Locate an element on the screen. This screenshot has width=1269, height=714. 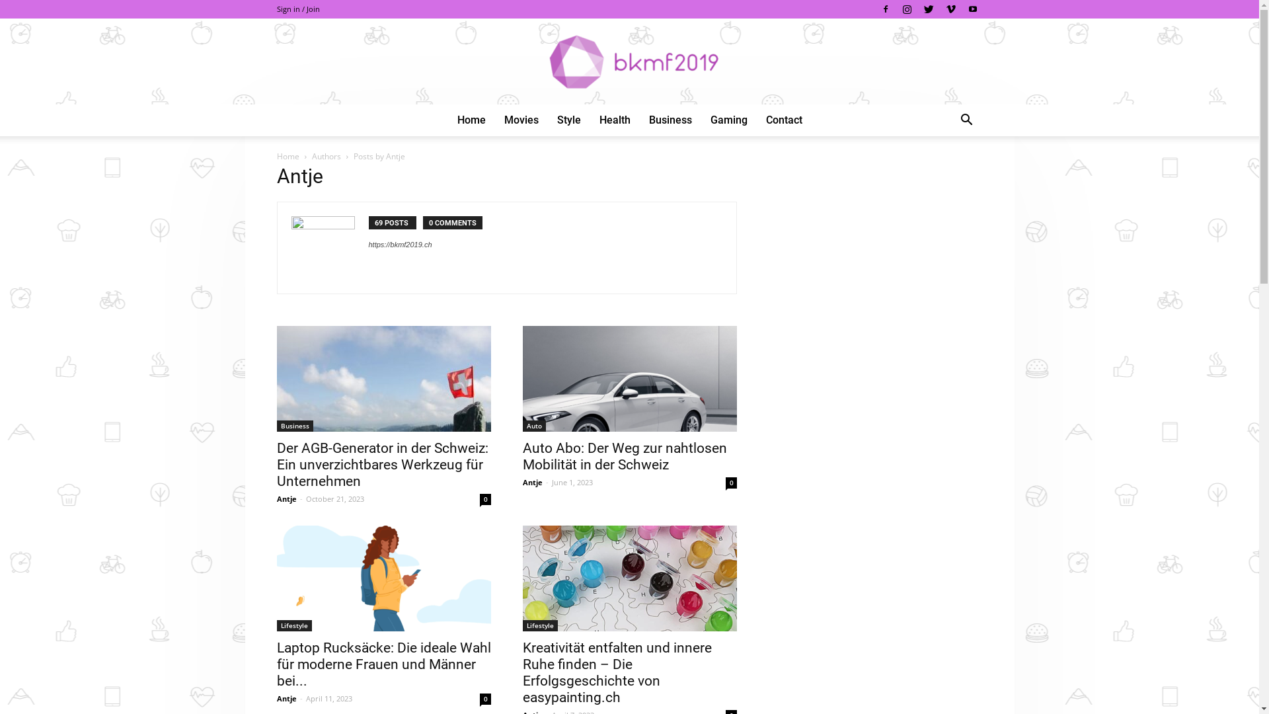
'0' is located at coordinates (479, 499).